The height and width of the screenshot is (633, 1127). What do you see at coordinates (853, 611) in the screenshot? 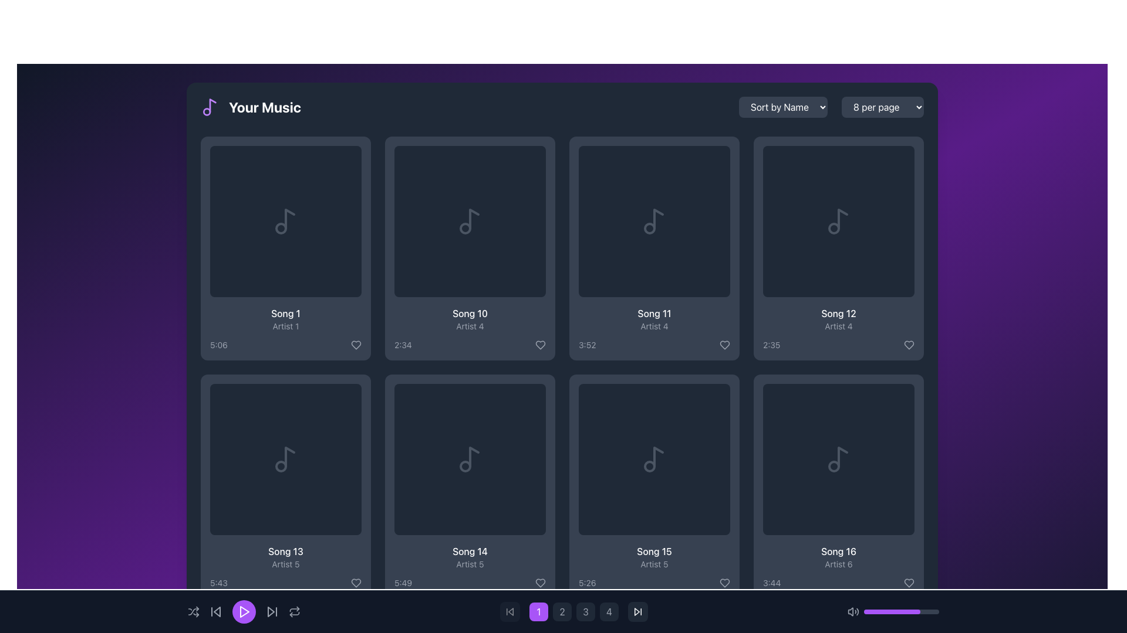
I see `the audio control icon located in the bottom navigation bar, positioned to the far left of the row of controls` at bounding box center [853, 611].